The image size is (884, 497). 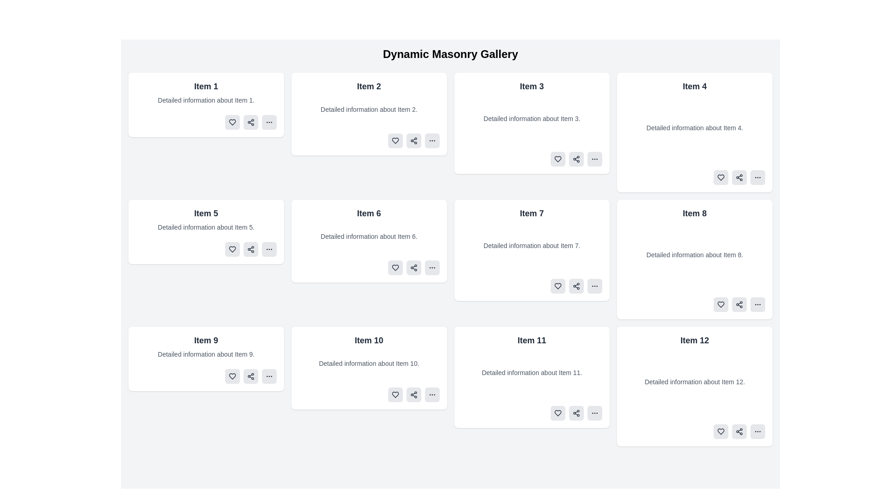 I want to click on the share icon, which is a minimalistic design consisting of three unfilled circles connected by two thin lines, located between the heart icon and the ellipsis menu icon in the footer area of 'Item 12', so click(x=739, y=431).